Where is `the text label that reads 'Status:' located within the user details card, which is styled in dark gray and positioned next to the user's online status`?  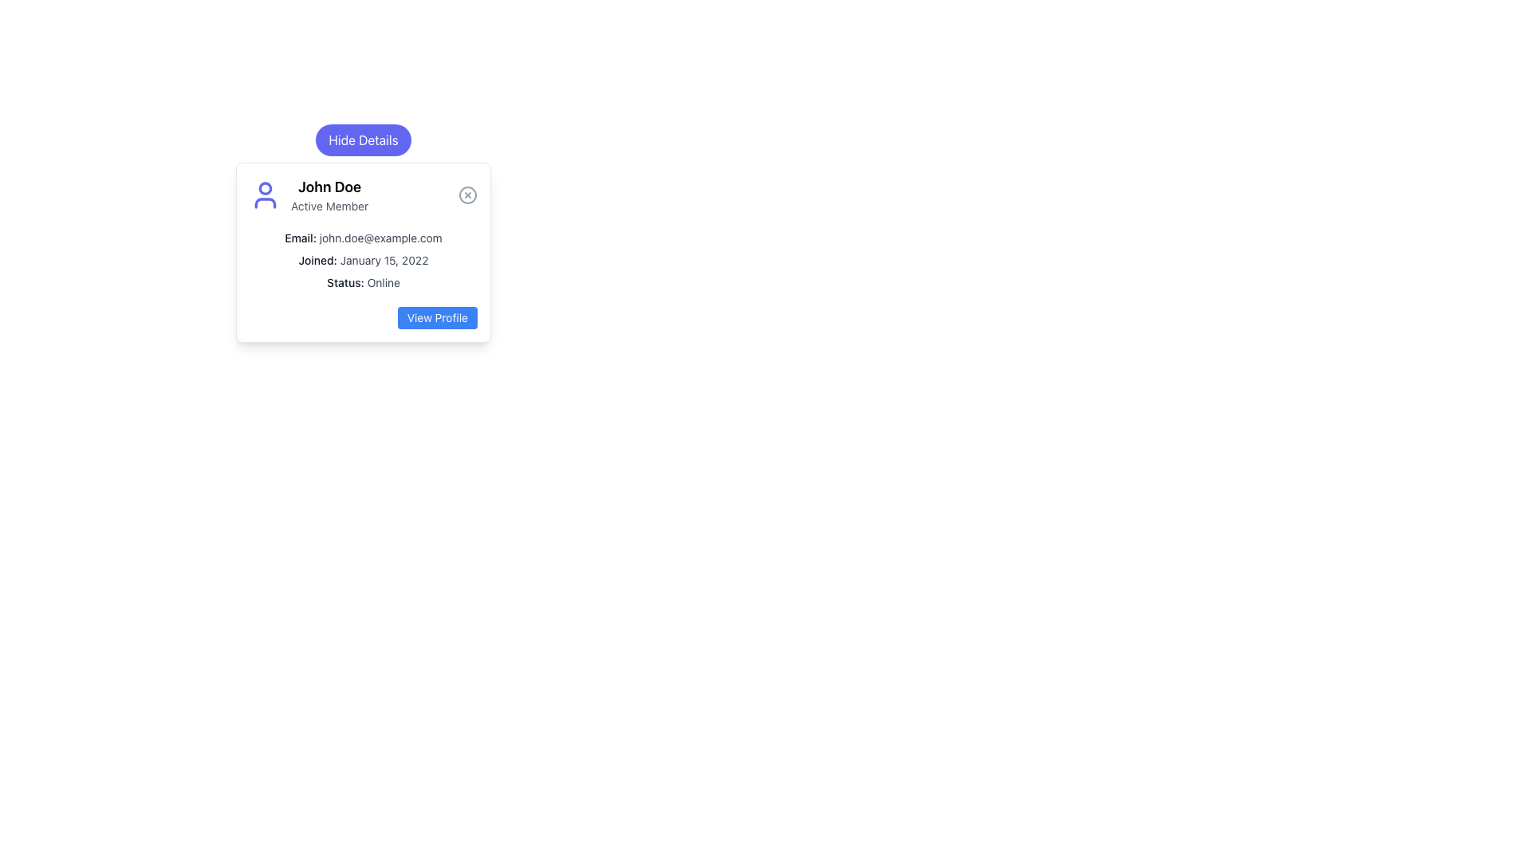 the text label that reads 'Status:' located within the user details card, which is styled in dark gray and positioned next to the user's online status is located at coordinates (344, 281).